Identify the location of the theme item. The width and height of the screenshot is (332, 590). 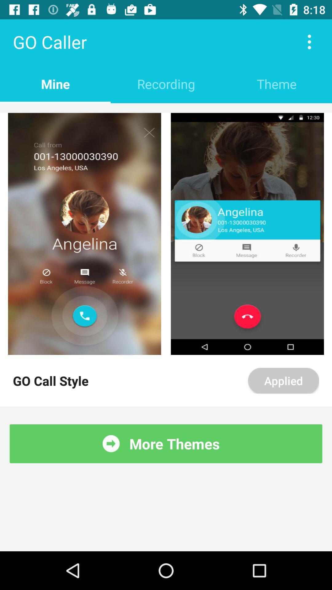
(276, 84).